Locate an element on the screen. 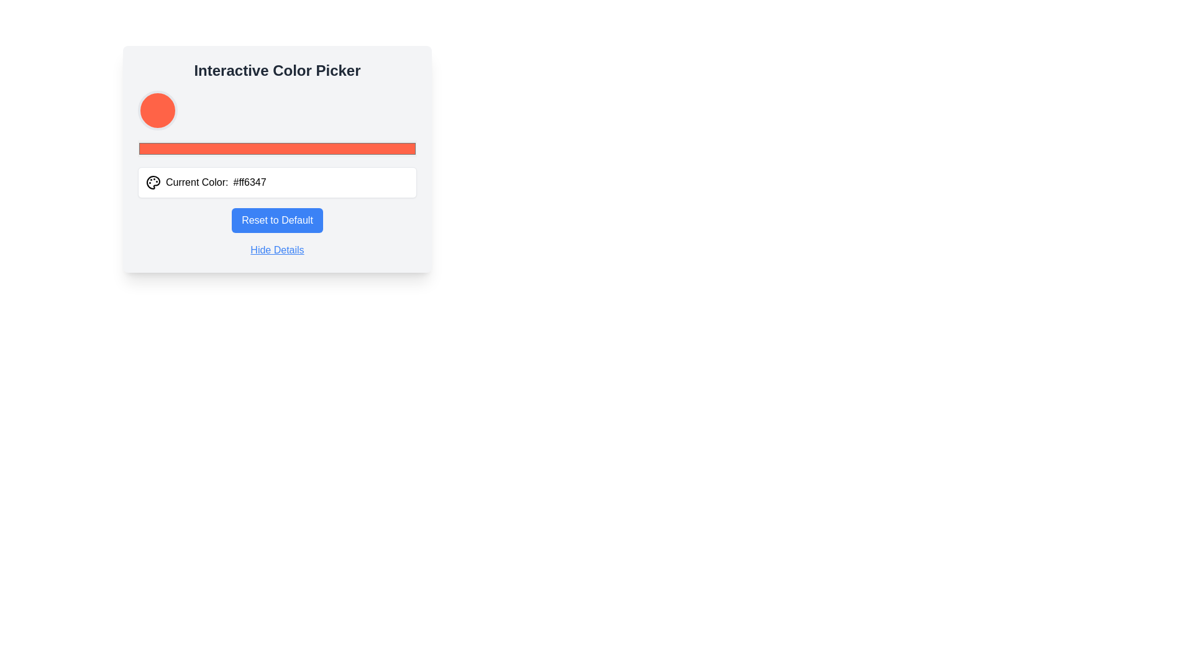 This screenshot has width=1193, height=671. the color selection icon that precedes the text 'Current Color: #ff6347' and is located above the 'Reset to Default' button is located at coordinates (152, 182).